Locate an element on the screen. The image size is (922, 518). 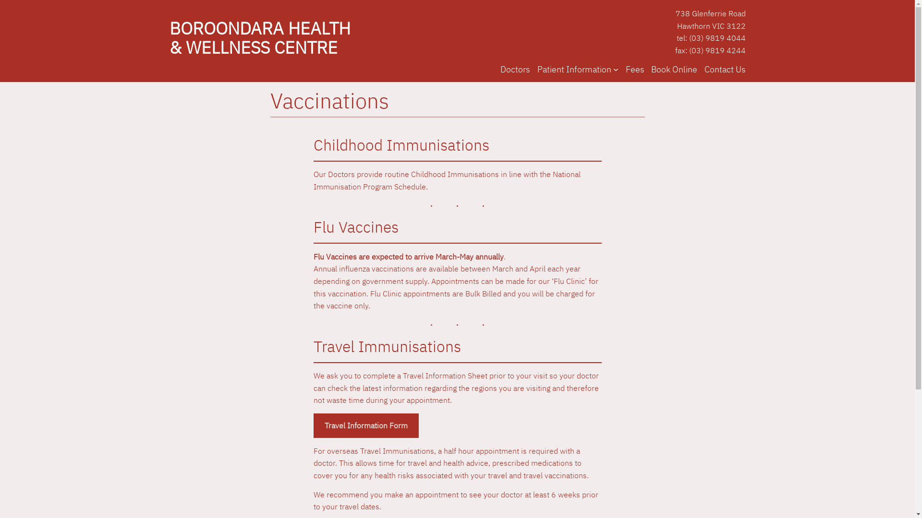
'Patient Information' is located at coordinates (574, 68).